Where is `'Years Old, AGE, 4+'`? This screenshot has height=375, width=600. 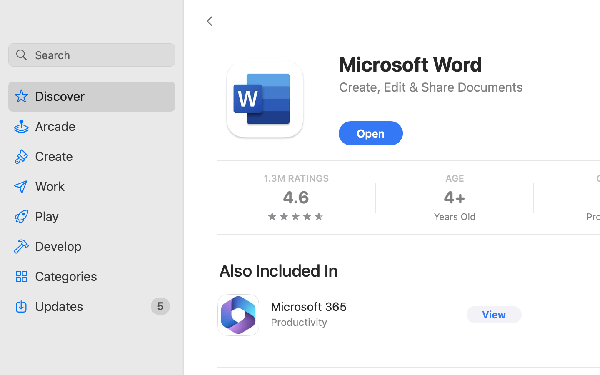 'Years Old, AGE, 4+' is located at coordinates (454, 197).